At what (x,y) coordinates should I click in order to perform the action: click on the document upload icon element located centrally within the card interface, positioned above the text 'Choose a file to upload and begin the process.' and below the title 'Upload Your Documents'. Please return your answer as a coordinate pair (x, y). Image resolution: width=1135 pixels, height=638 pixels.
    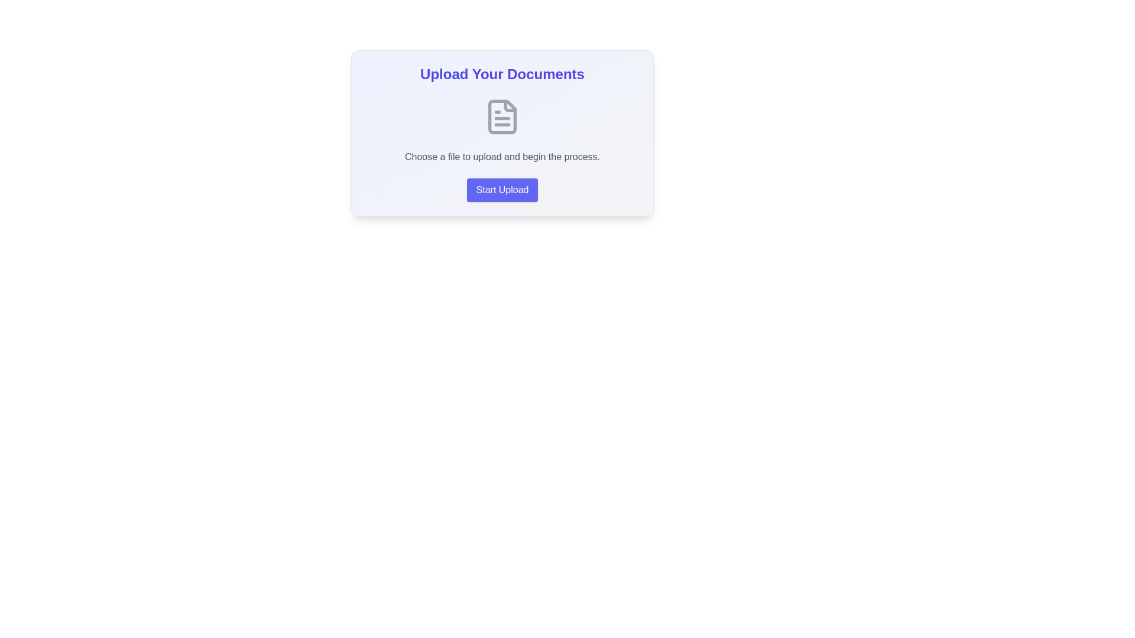
    Looking at the image, I should click on (502, 116).